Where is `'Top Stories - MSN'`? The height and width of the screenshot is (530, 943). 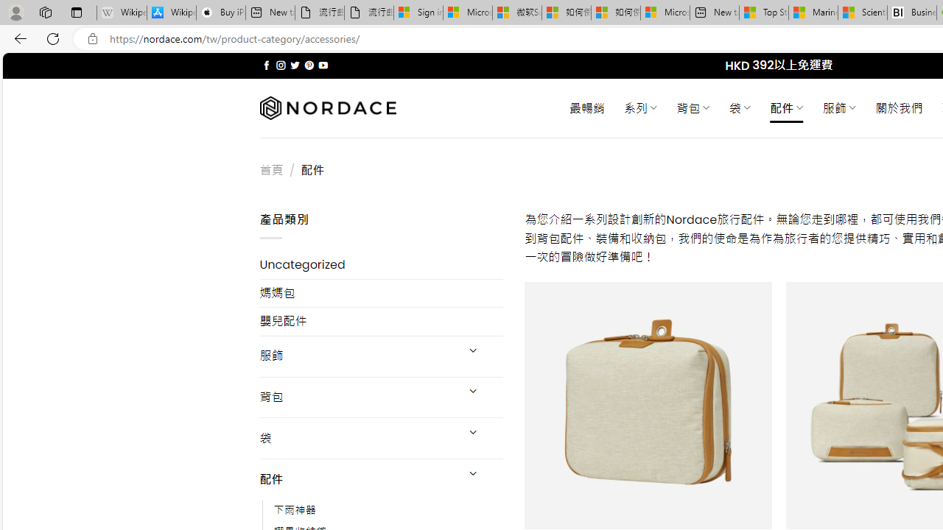
'Top Stories - MSN' is located at coordinates (763, 13).